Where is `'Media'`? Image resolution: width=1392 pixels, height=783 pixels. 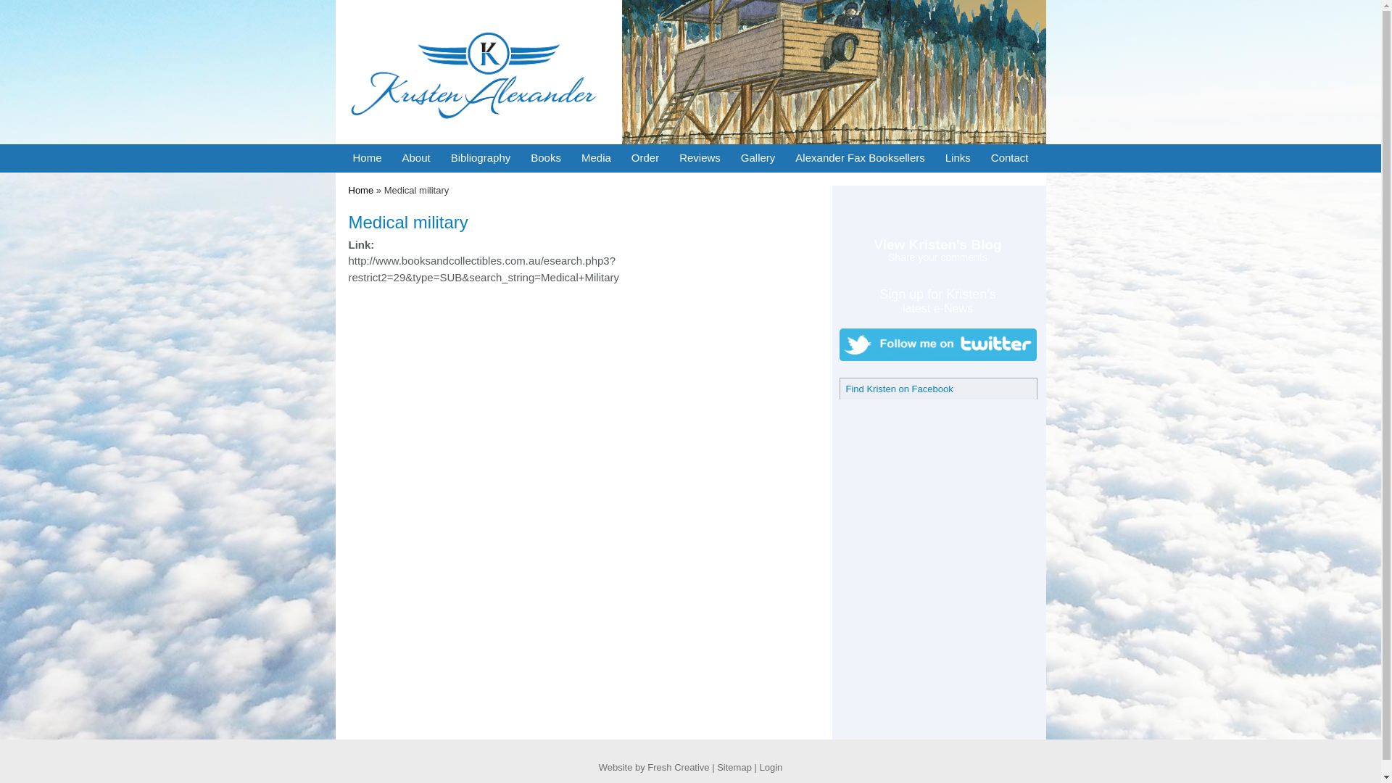
'Media' is located at coordinates (596, 158).